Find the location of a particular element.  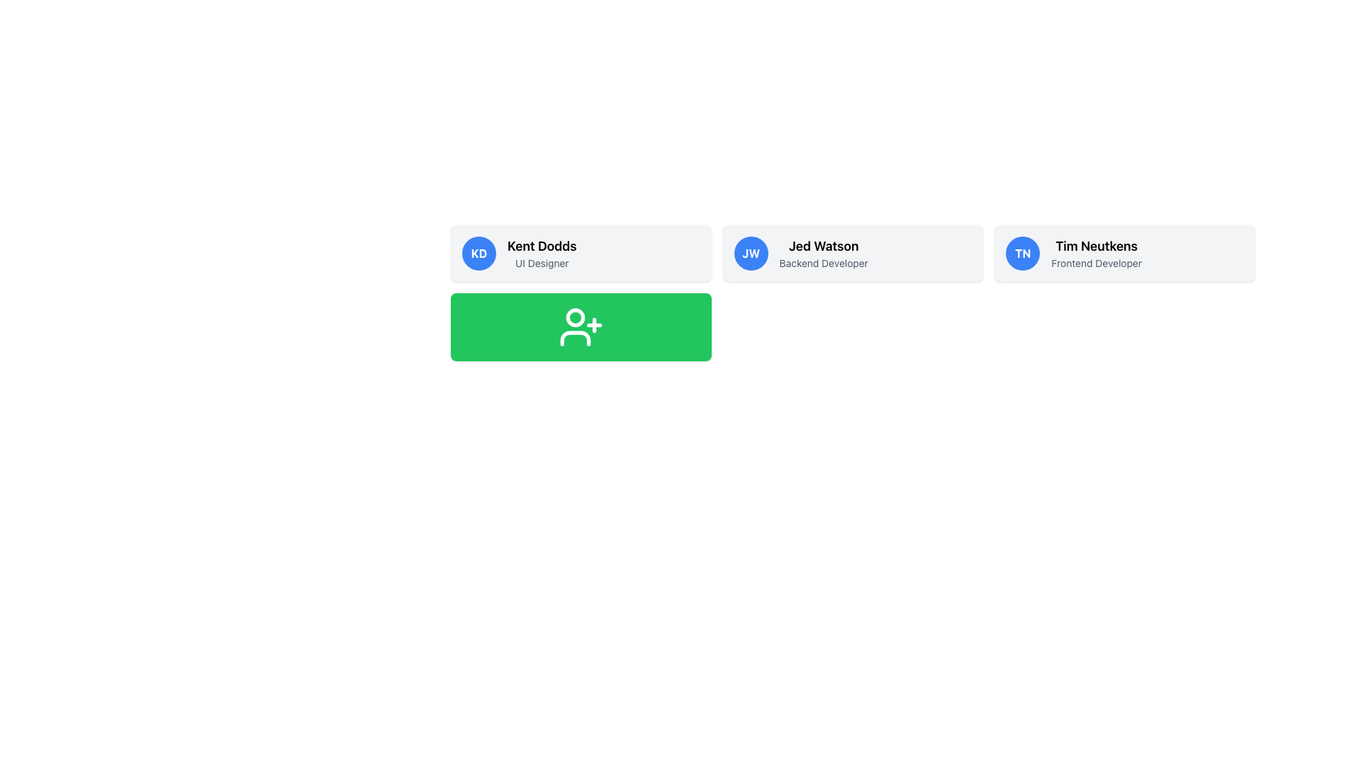

the Profile badge representing 'Jed Watson' located on the left side of the middle card in a horizontal layout is located at coordinates (750, 253).